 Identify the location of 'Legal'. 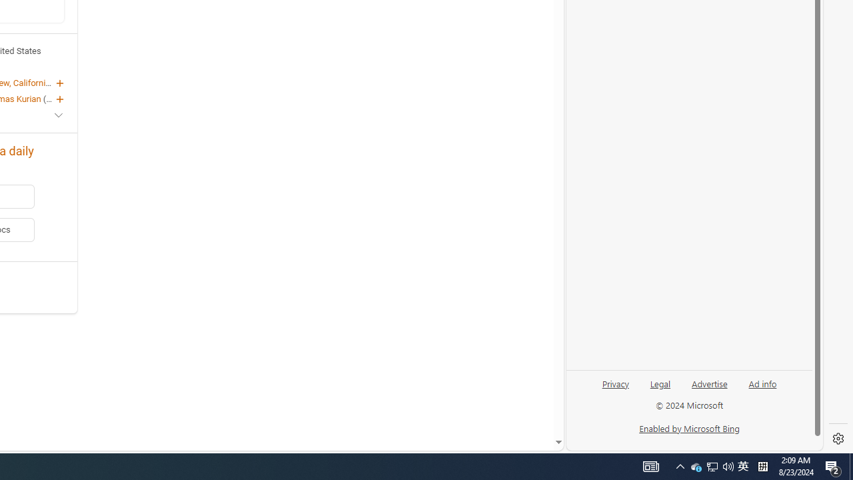
(660, 389).